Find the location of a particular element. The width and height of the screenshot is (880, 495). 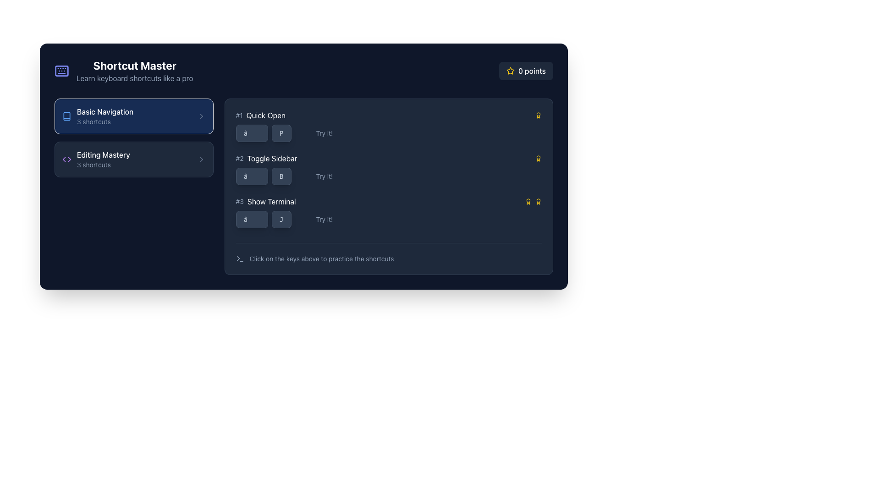

the first entry is located at coordinates (389, 115).